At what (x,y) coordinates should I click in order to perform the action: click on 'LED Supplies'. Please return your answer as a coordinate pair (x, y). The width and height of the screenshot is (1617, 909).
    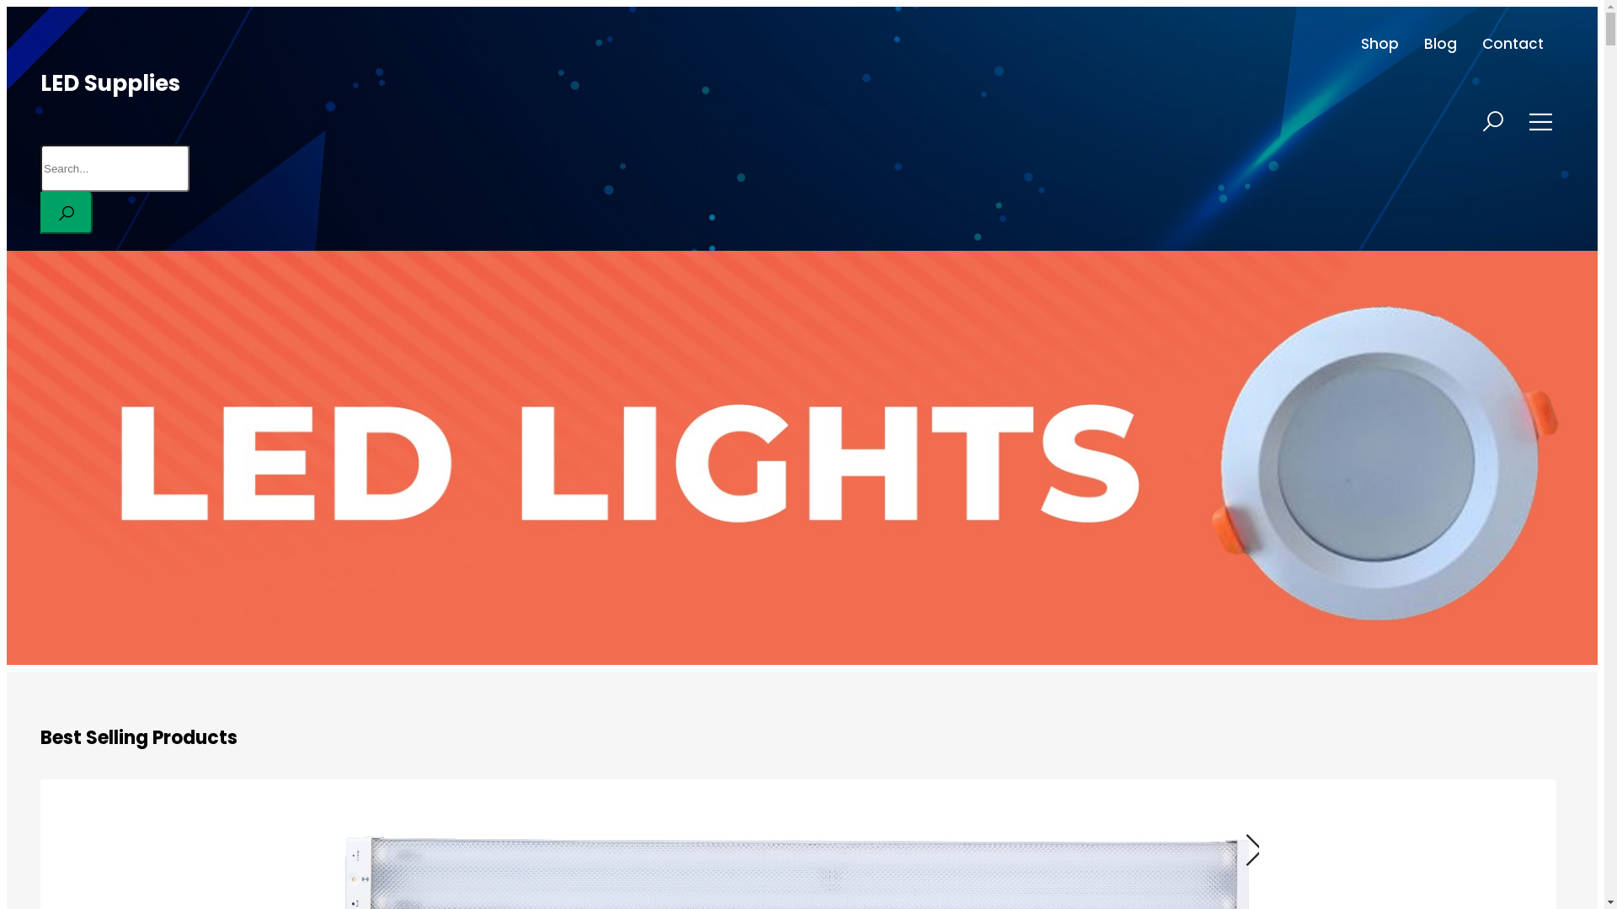
    Looking at the image, I should click on (109, 83).